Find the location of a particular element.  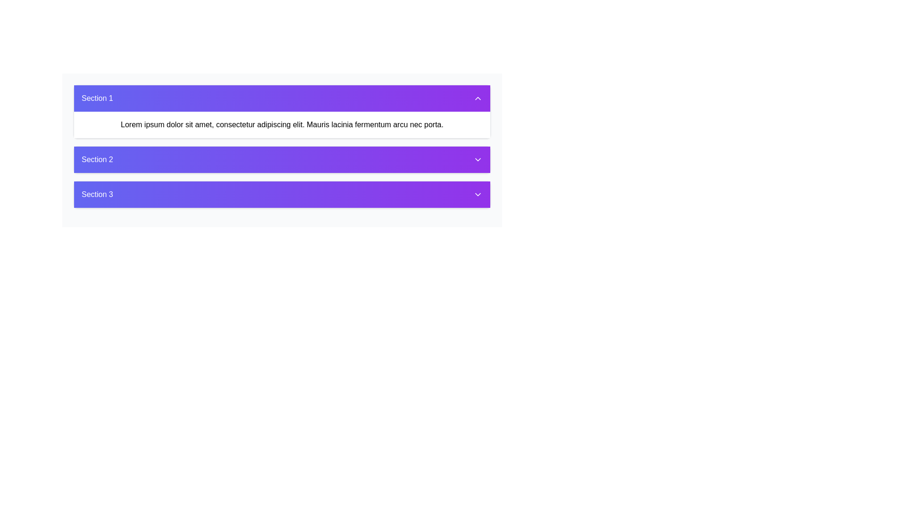

the Dropdown indicator icon, which is a downward-facing chevron located at the rightmost side of the header for Section 2 is located at coordinates (478, 159).